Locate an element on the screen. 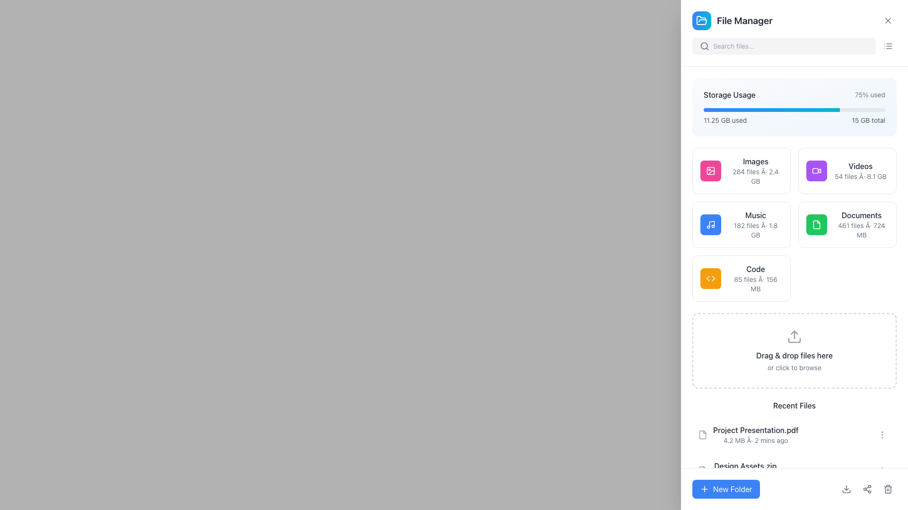 This screenshot has height=510, width=908. the blue rectangular button labeled 'Music' with a music note icon is located at coordinates (741, 224).